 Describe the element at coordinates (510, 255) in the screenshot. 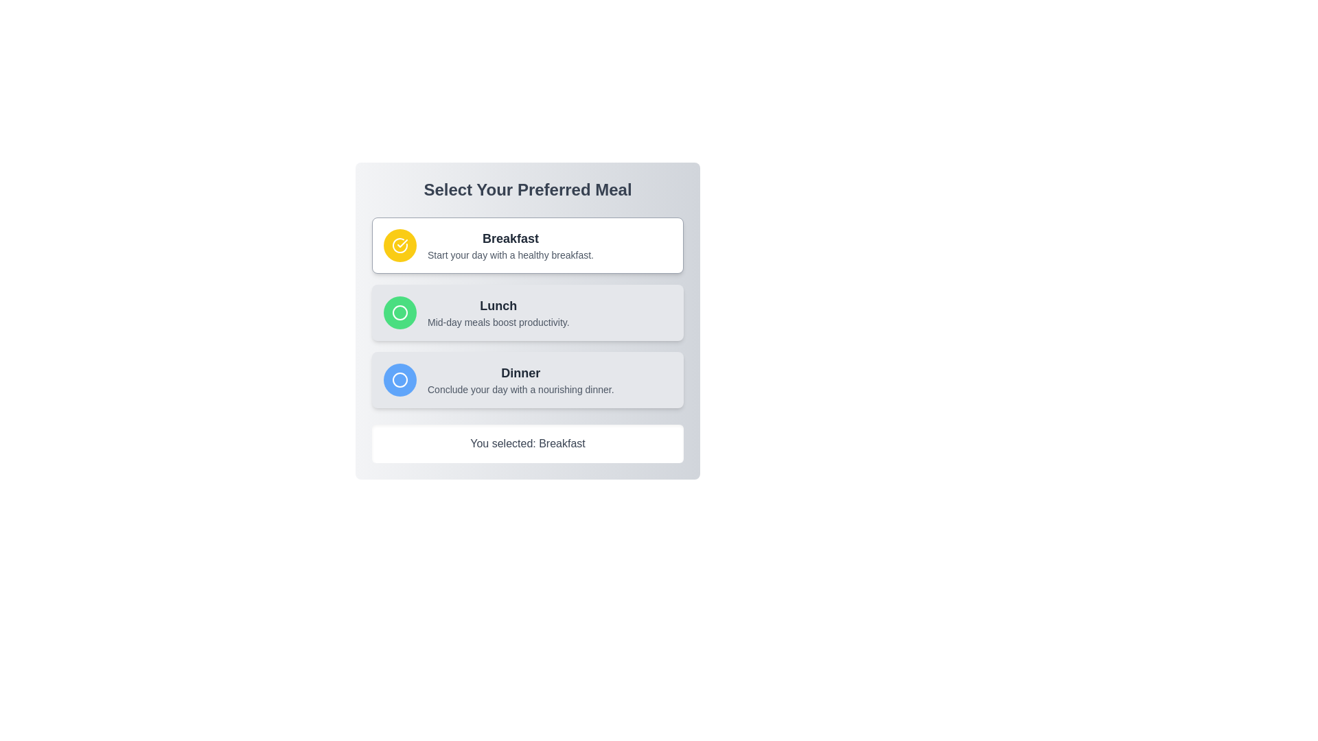

I see `the informational text label located beneath the 'Breakfast' option in the meal preferences card` at that location.